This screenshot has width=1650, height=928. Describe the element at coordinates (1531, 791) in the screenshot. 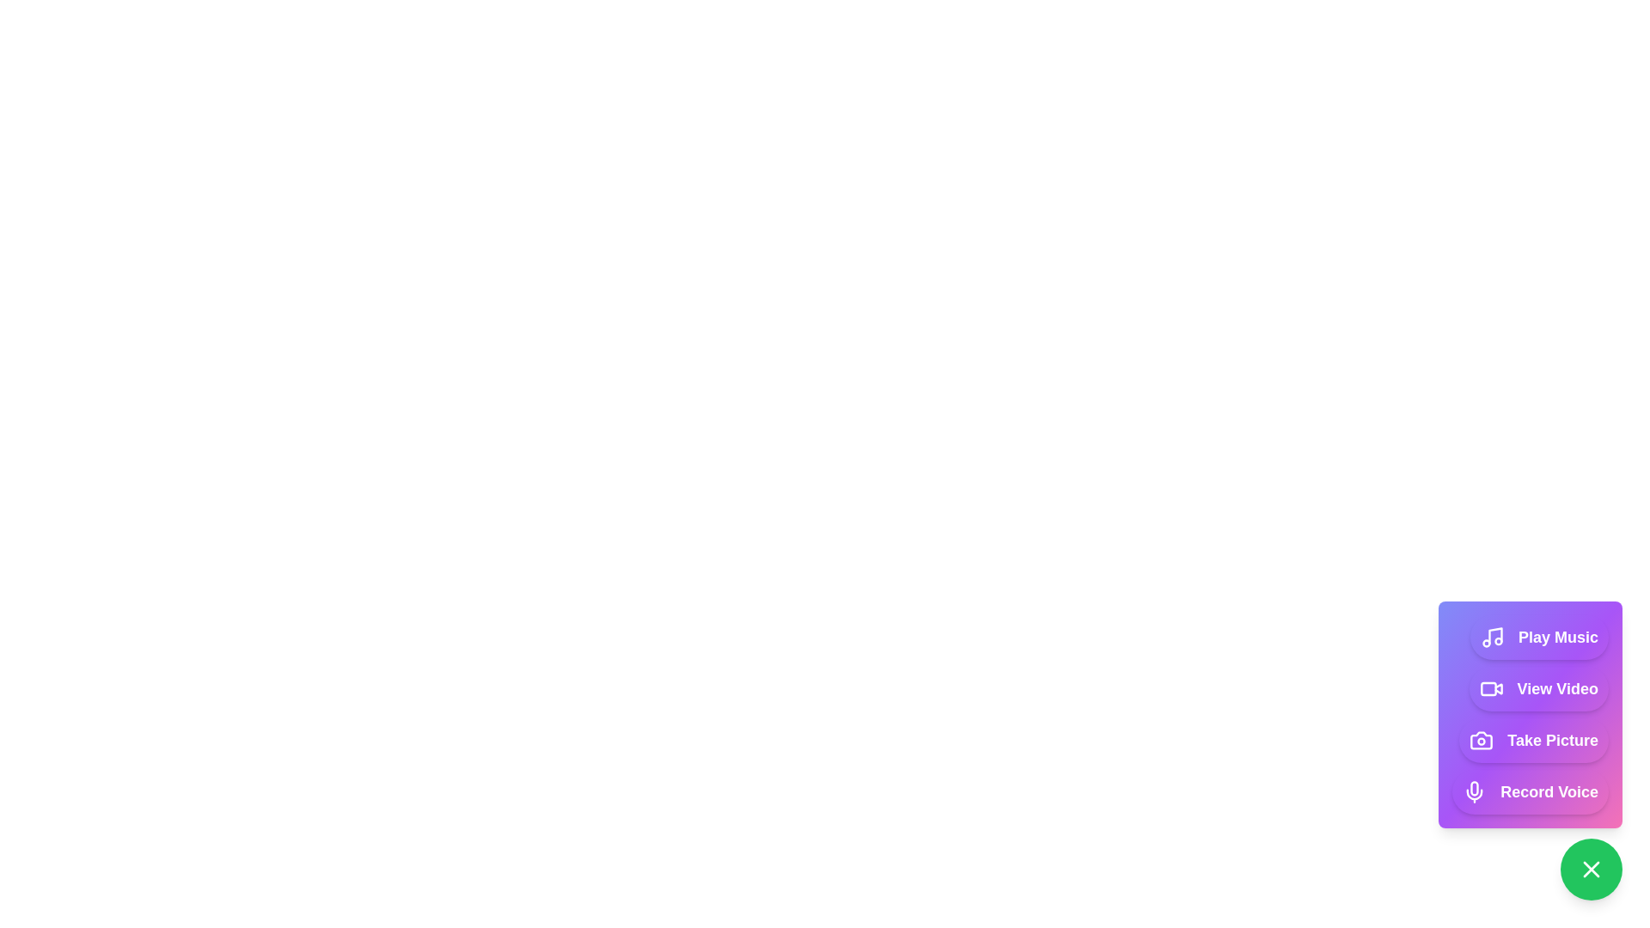

I see `the button with label 'Record Voice' to visually inspect its text` at that location.